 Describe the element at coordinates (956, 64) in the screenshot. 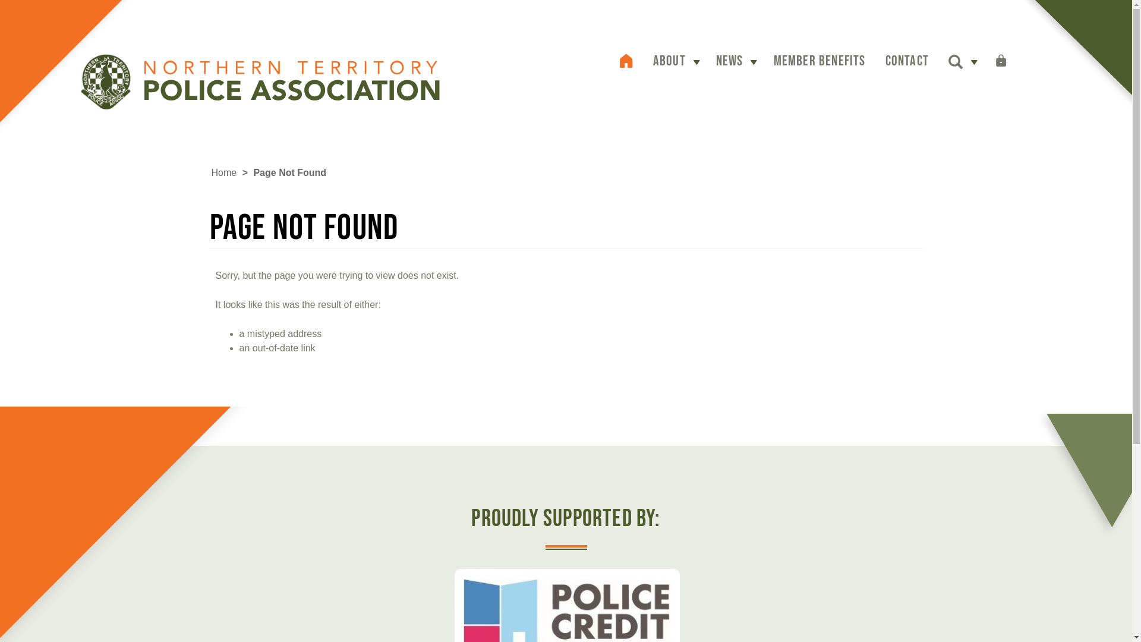

I see `'Search'` at that location.